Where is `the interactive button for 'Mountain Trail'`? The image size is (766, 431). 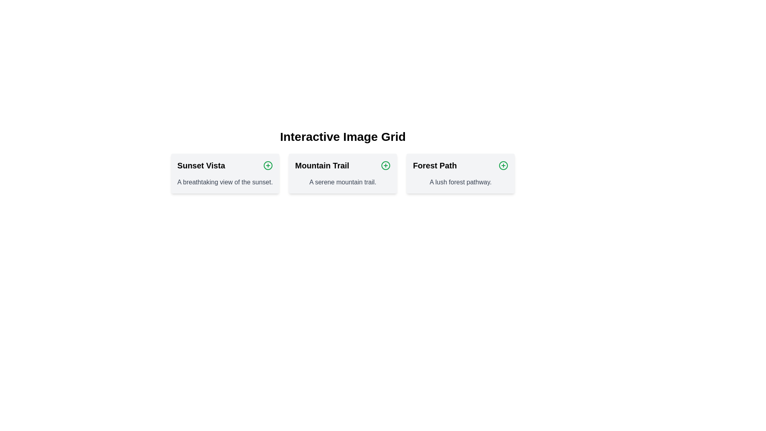 the interactive button for 'Mountain Trail' is located at coordinates (386, 165).